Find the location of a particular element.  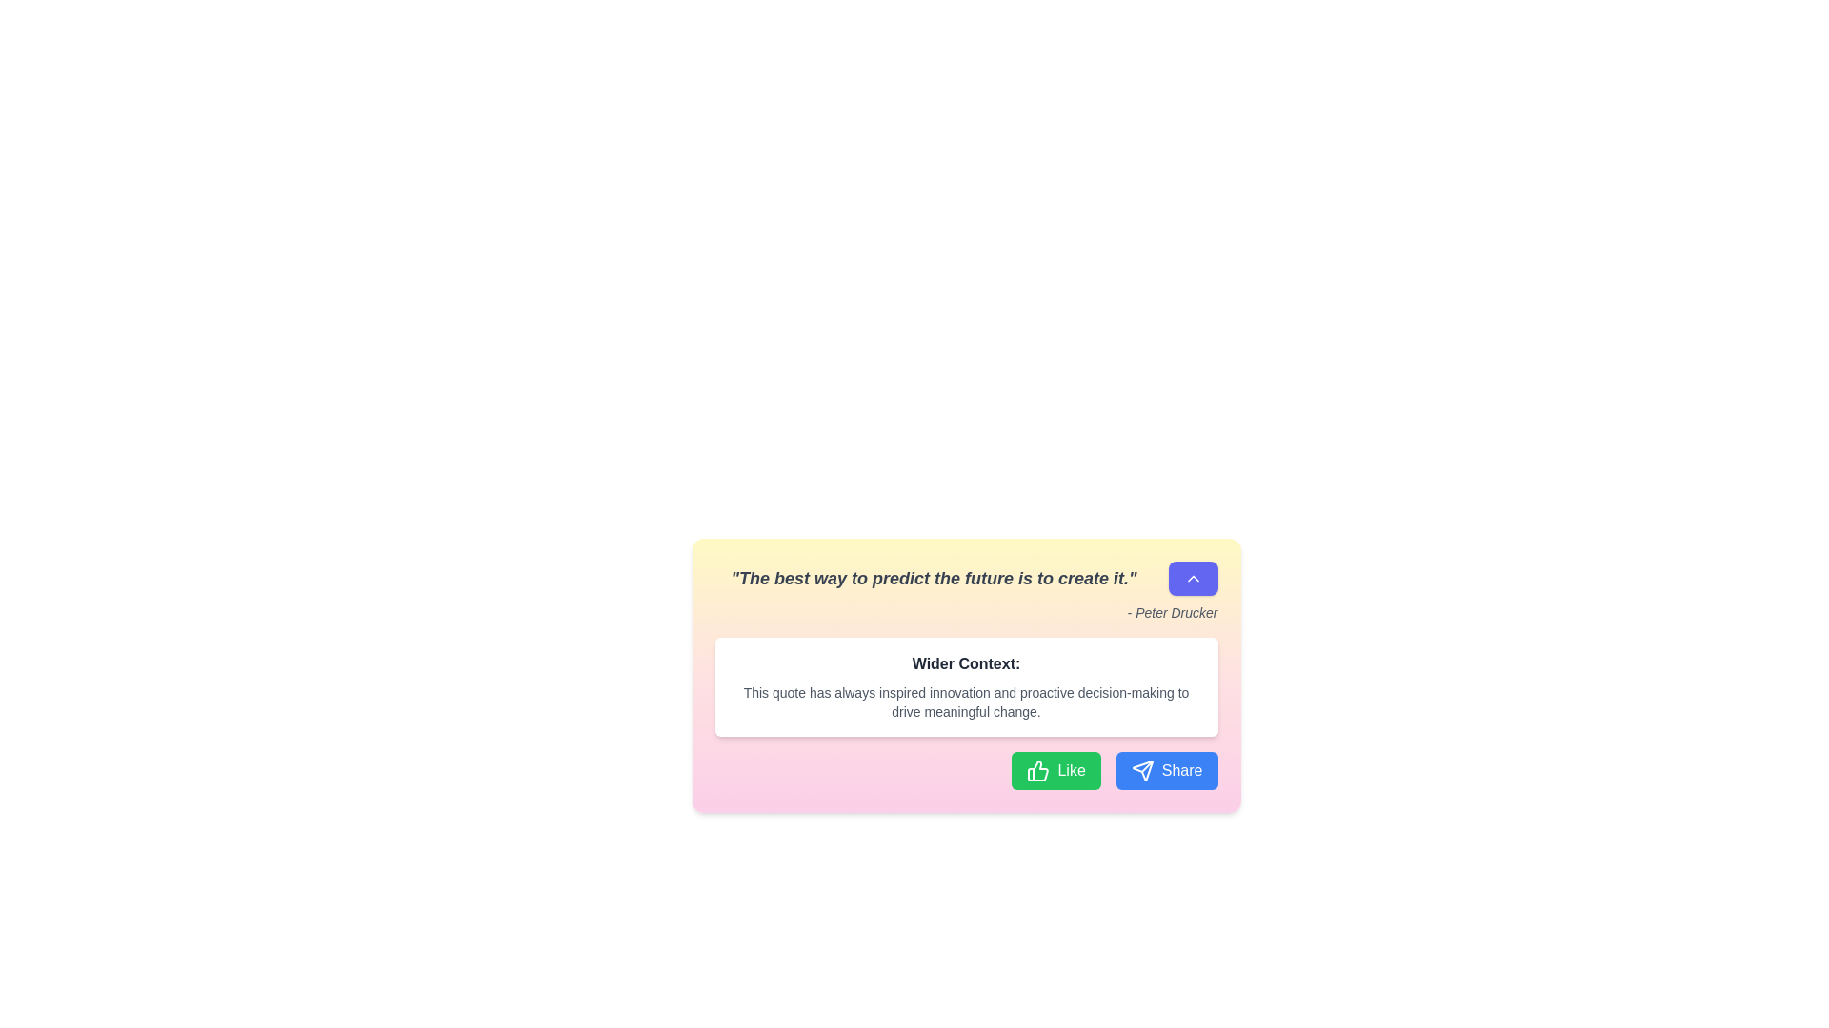

the rectangular 'Share' button with a blue background and a white paper airplane icon is located at coordinates (1166, 771).